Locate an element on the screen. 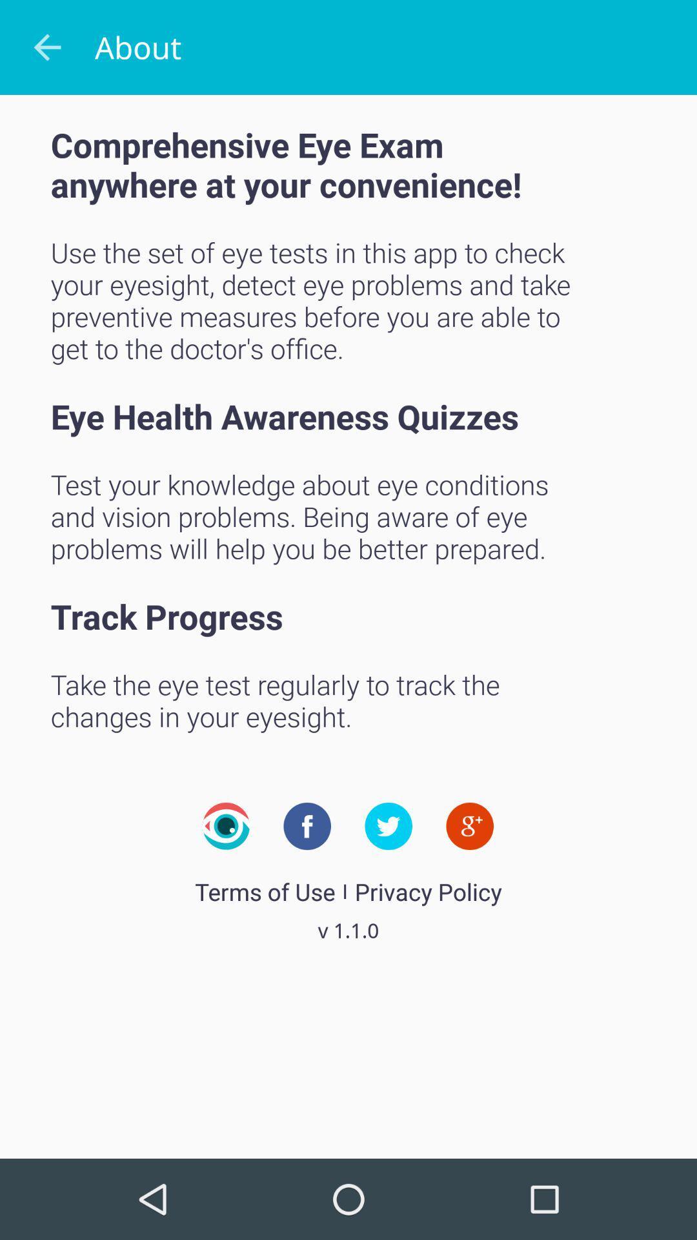 This screenshot has width=697, height=1240. the item below take the eye item is located at coordinates (470, 825).